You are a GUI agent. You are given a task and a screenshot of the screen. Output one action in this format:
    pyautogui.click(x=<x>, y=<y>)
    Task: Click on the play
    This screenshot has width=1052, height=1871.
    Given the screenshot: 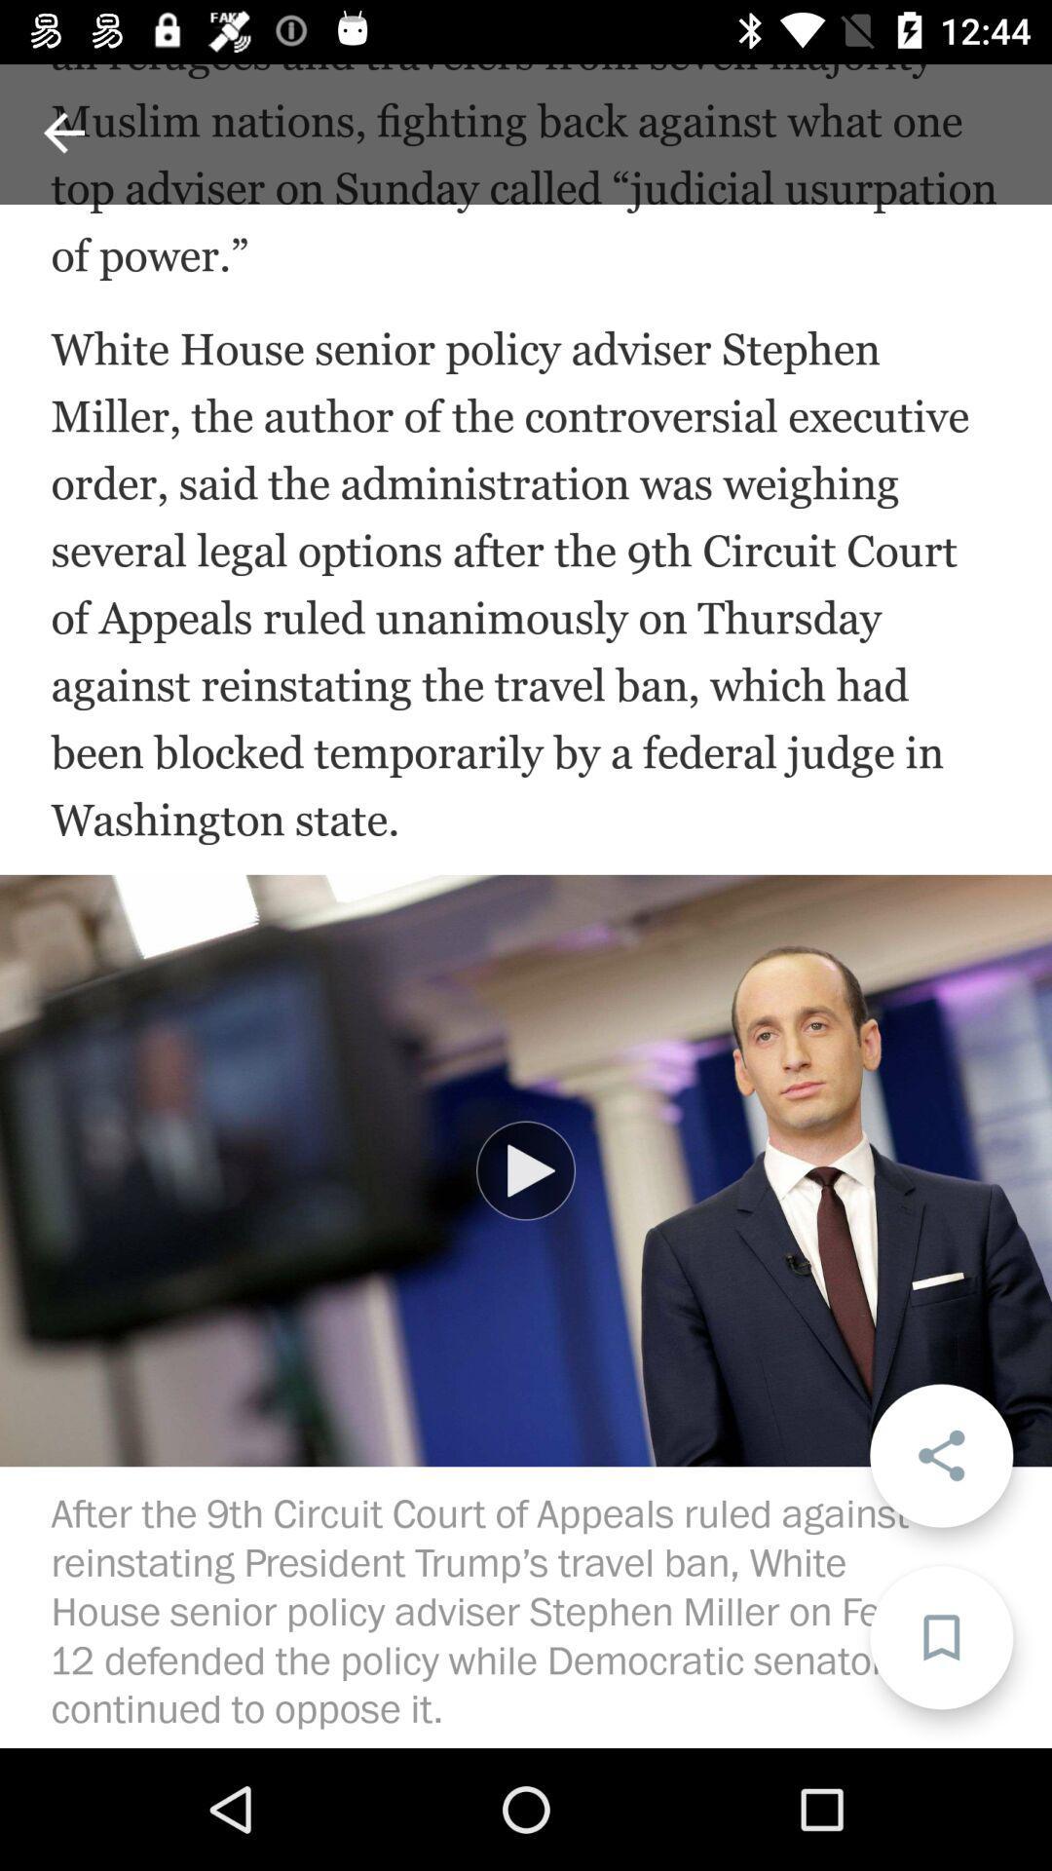 What is the action you would take?
    pyautogui.click(x=526, y=1169)
    